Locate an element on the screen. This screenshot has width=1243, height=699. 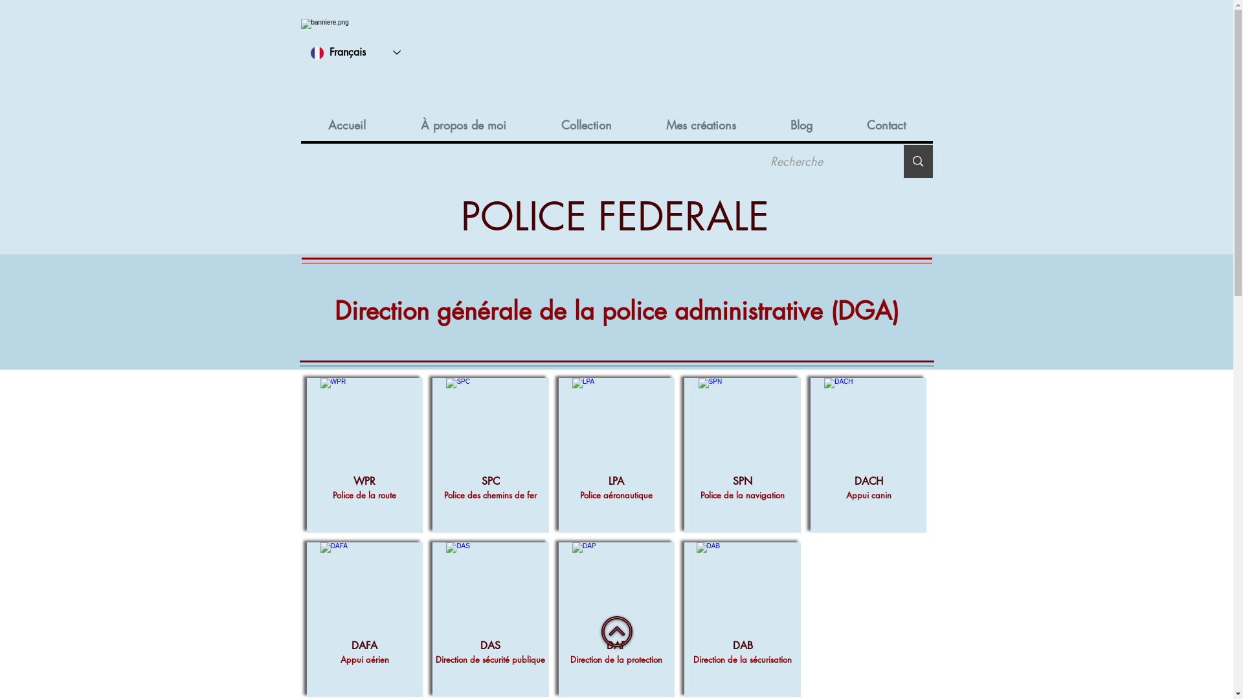
'SPN is located at coordinates (743, 454).